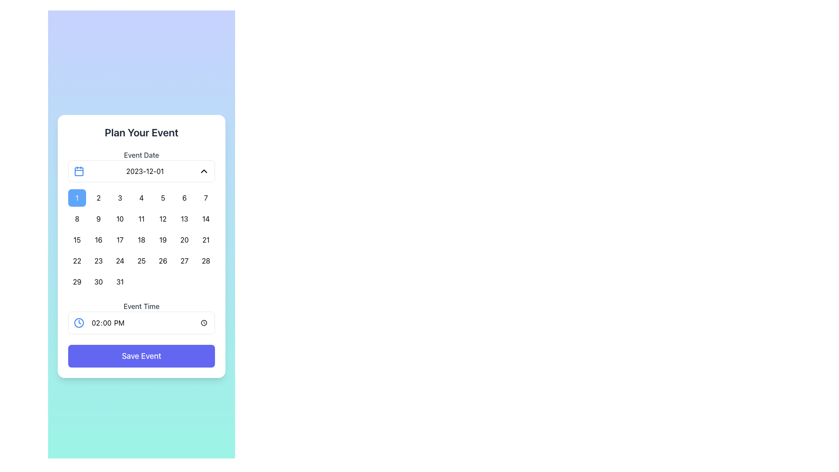 The image size is (839, 472). I want to click on the clock icon located immediately to the left of the time display '02:00 PM' in the Event Time section, so click(79, 323).